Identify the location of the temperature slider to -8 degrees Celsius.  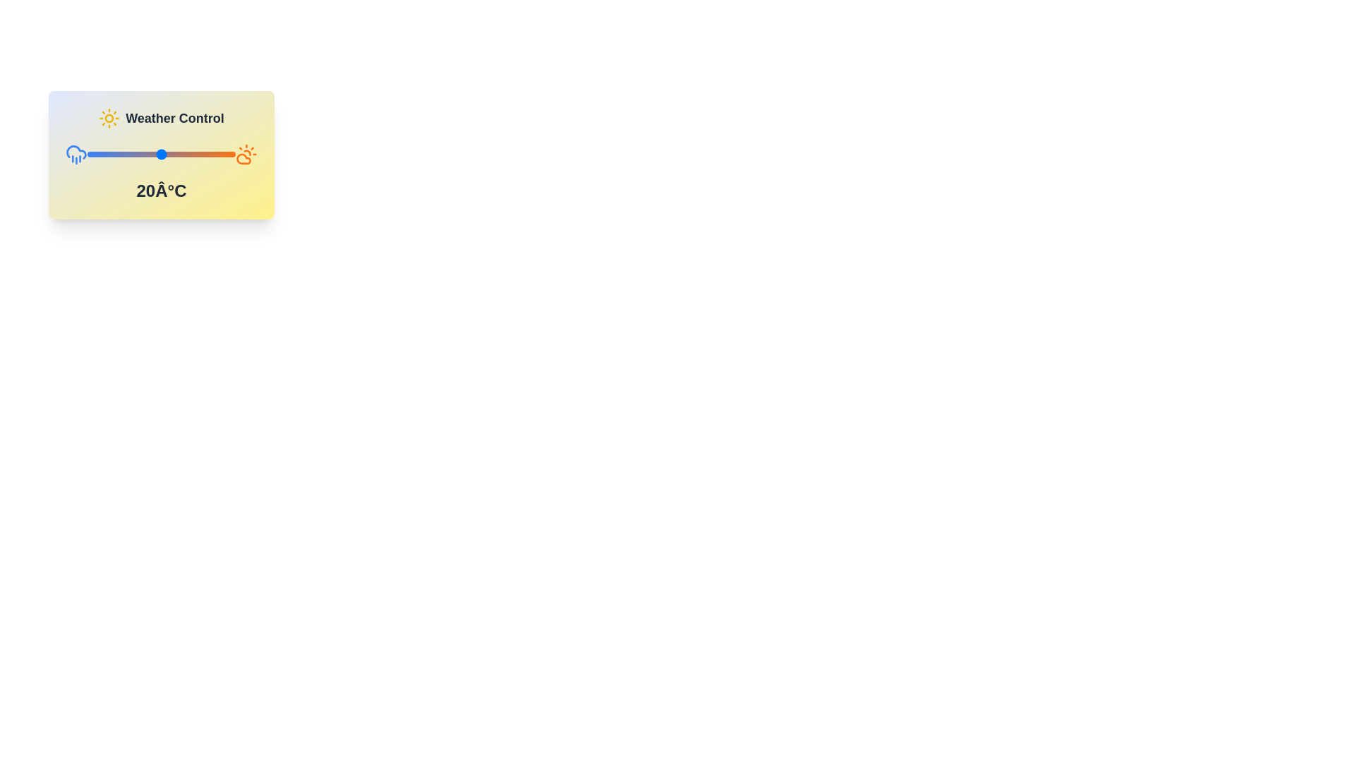
(91, 155).